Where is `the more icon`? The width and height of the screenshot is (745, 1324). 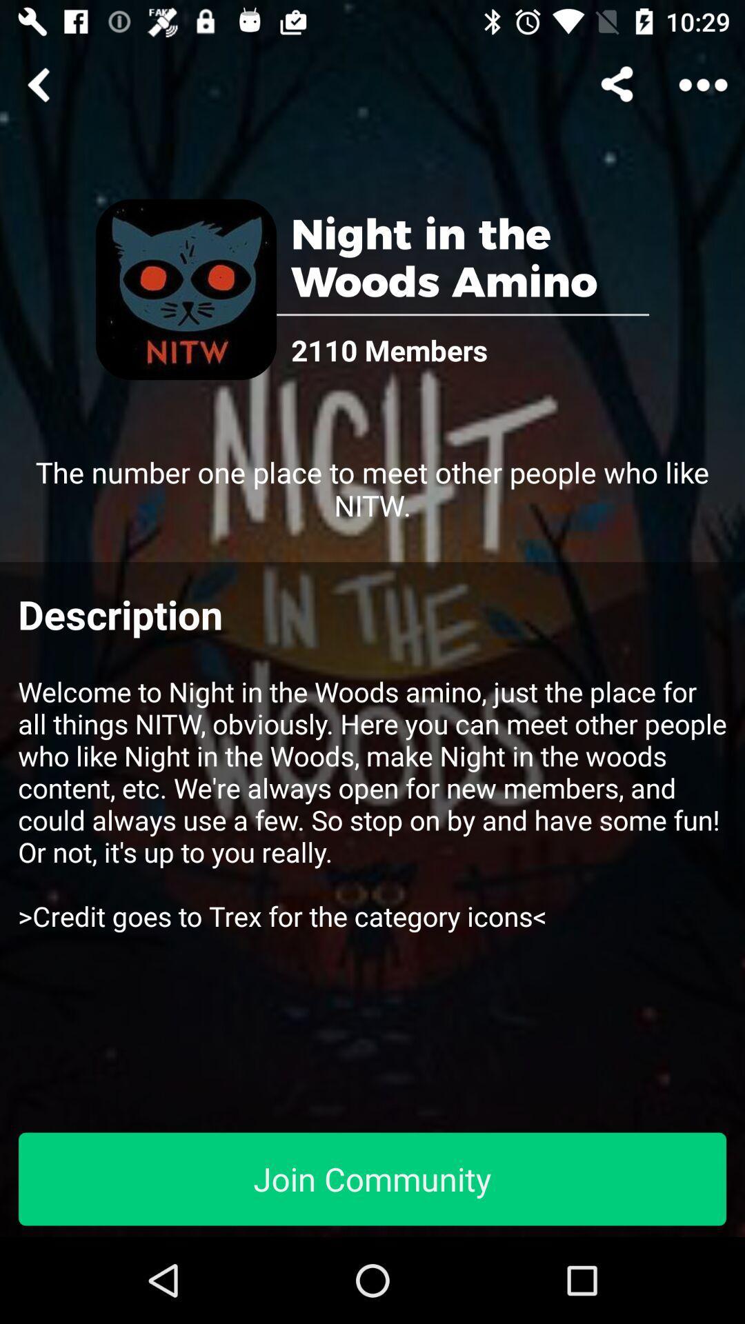
the more icon is located at coordinates (703, 84).